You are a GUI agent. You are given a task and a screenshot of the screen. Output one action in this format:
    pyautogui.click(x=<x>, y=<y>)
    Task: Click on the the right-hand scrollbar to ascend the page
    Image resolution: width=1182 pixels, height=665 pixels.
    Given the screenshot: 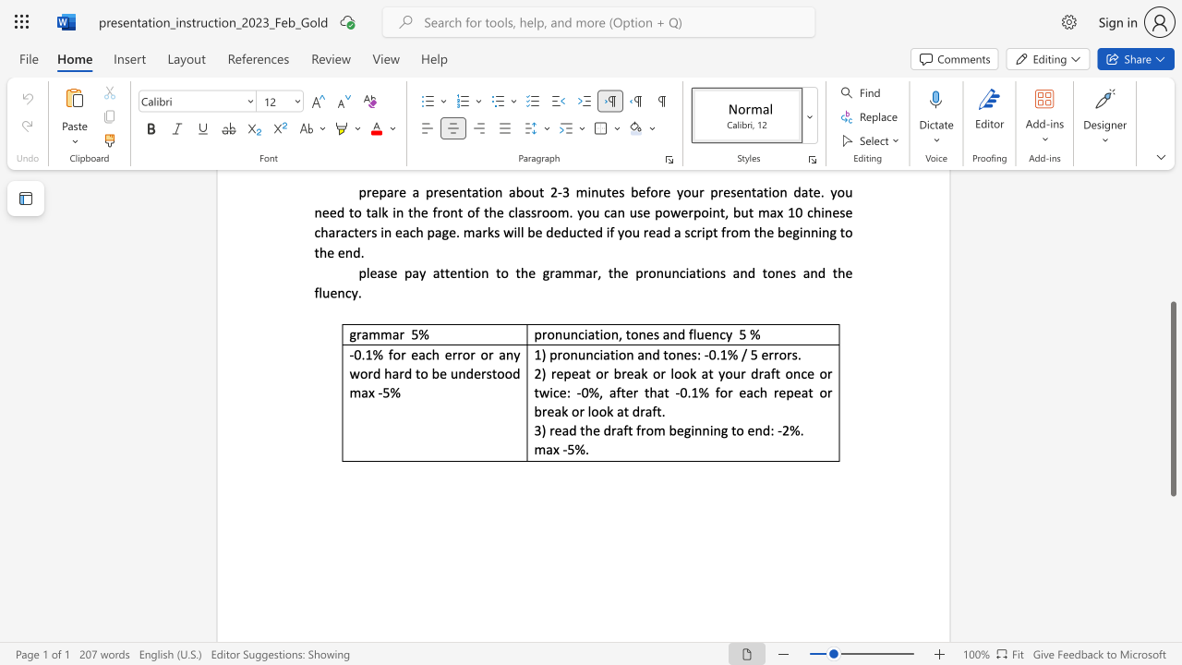 What is the action you would take?
    pyautogui.click(x=1172, y=277)
    